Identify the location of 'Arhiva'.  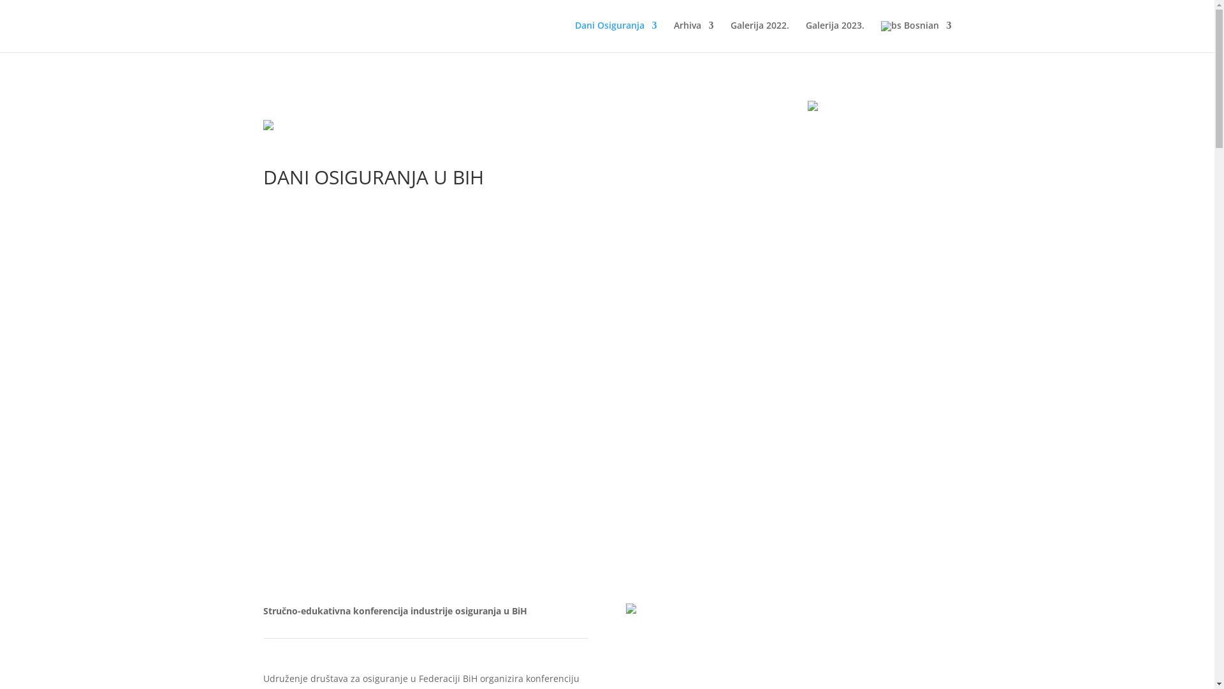
(692, 35).